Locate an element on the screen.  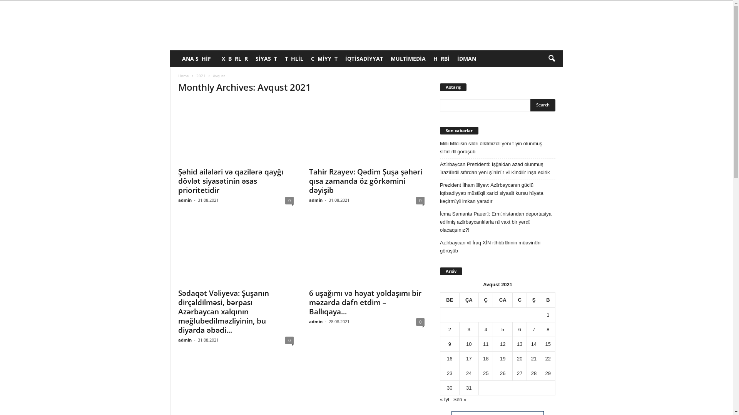
'Search' is located at coordinates (542, 105).